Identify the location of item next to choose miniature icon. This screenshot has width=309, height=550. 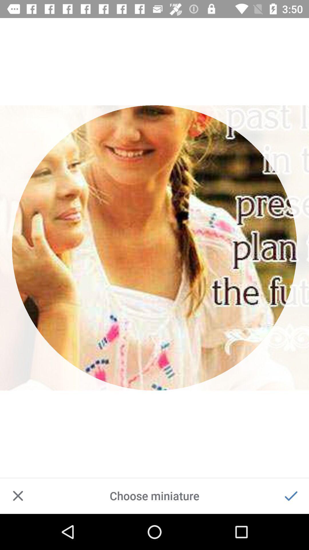
(291, 496).